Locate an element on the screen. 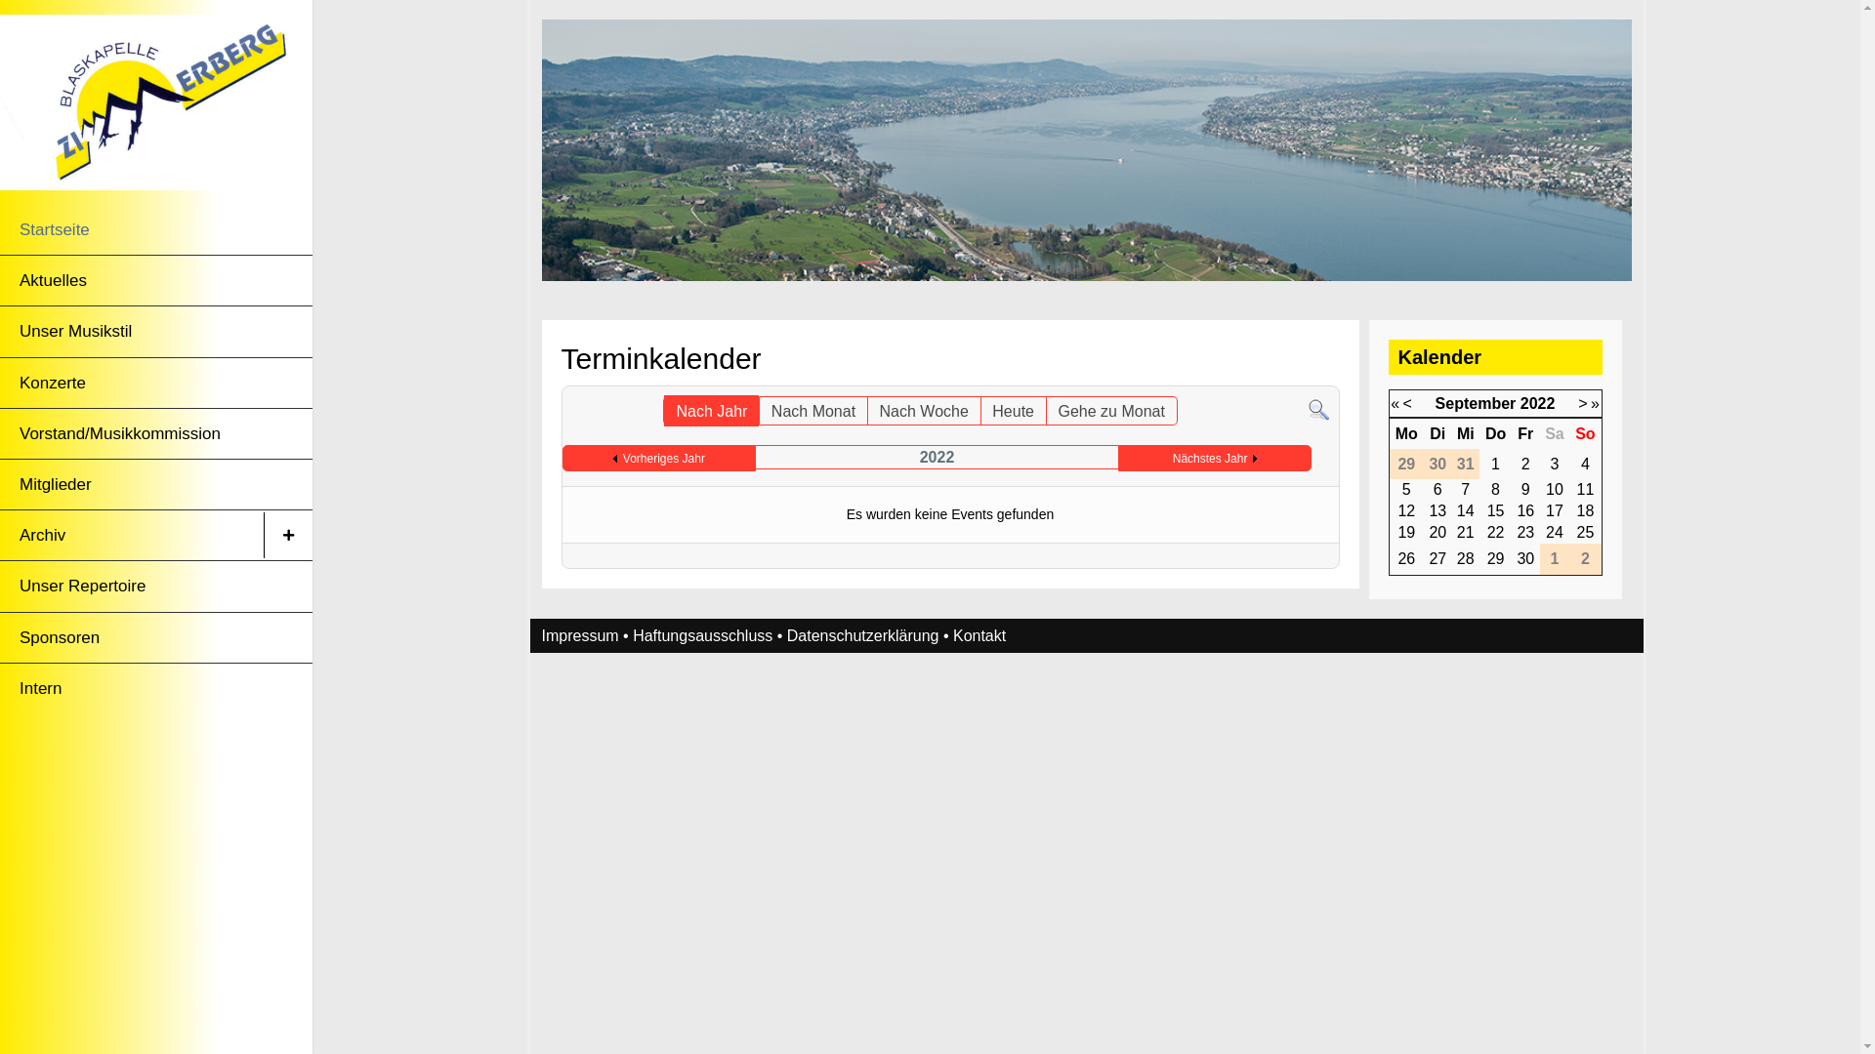 This screenshot has width=1875, height=1054. '20' is located at coordinates (1437, 532).